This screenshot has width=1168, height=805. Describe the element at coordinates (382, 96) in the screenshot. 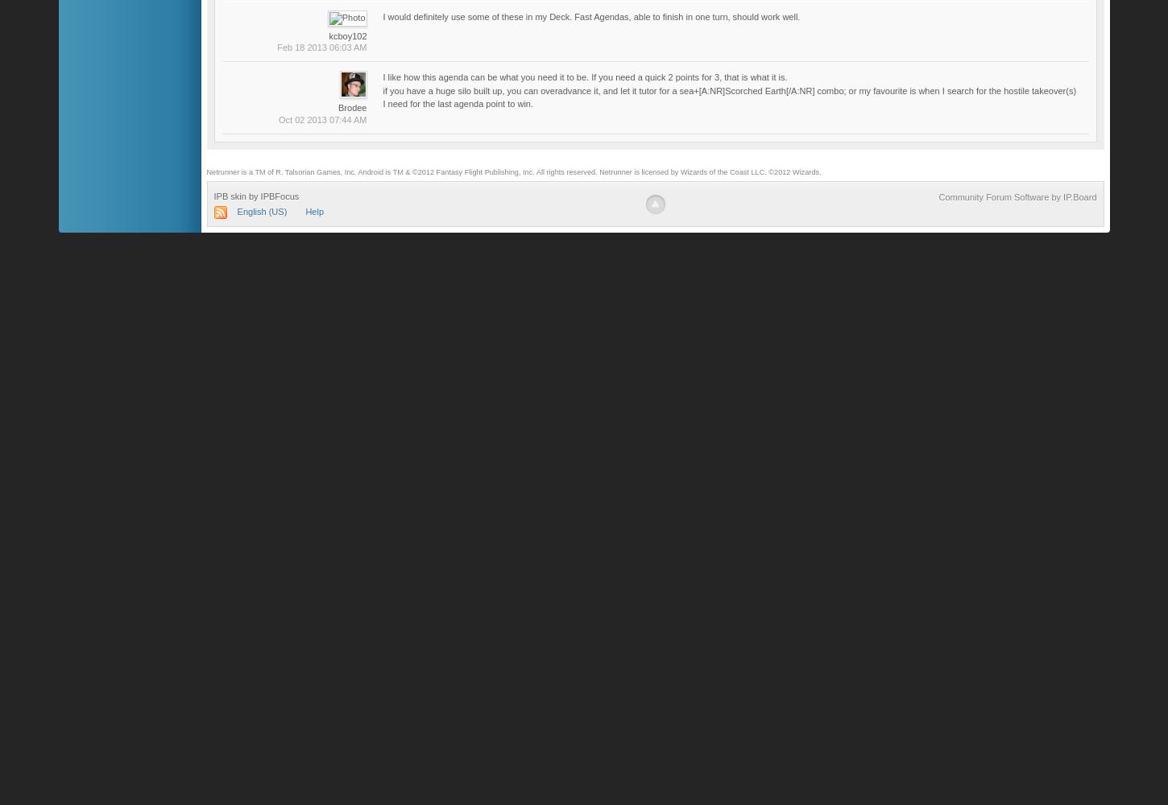

I see `'if you have a huge silo built up, you can overadvance it, and let it tutor for a sea+[A:NR]Scorched Earth[/A:NR] combo; or my favourite is when I search for the hostile takeover(s) I need for the last agenda point to win.'` at that location.